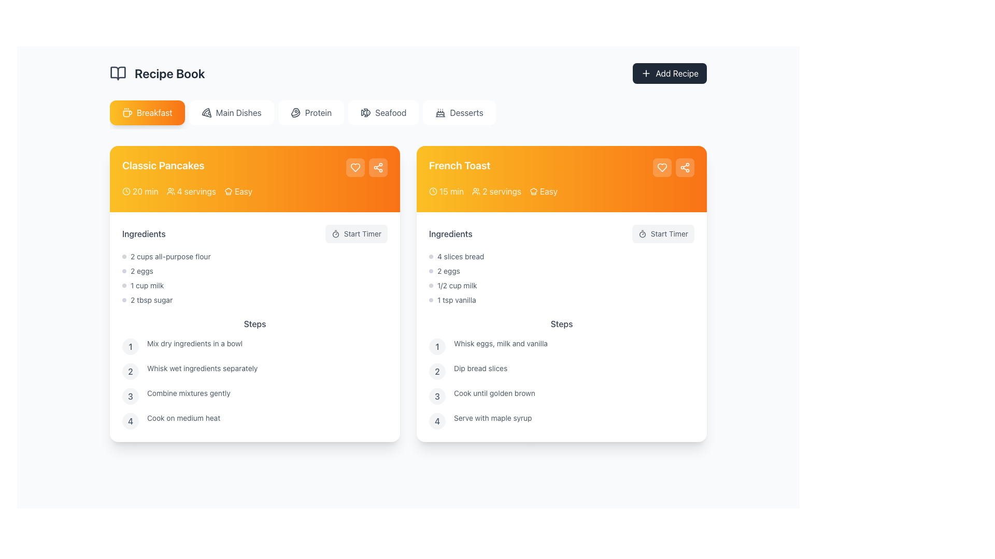  Describe the element at coordinates (335, 234) in the screenshot. I see `the circular icon located under the 'French Toast' section, which is part of the timer icon adjacent to the 'Start Timer' button` at that location.